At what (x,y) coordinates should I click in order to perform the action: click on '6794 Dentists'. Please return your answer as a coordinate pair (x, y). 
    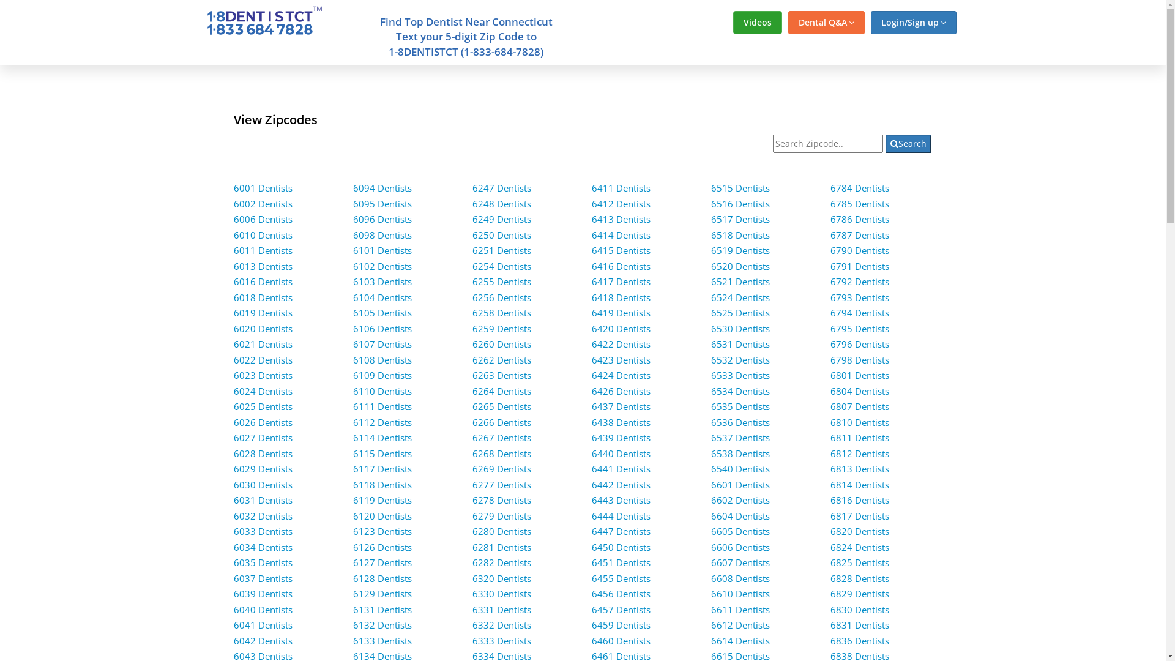
    Looking at the image, I should click on (859, 312).